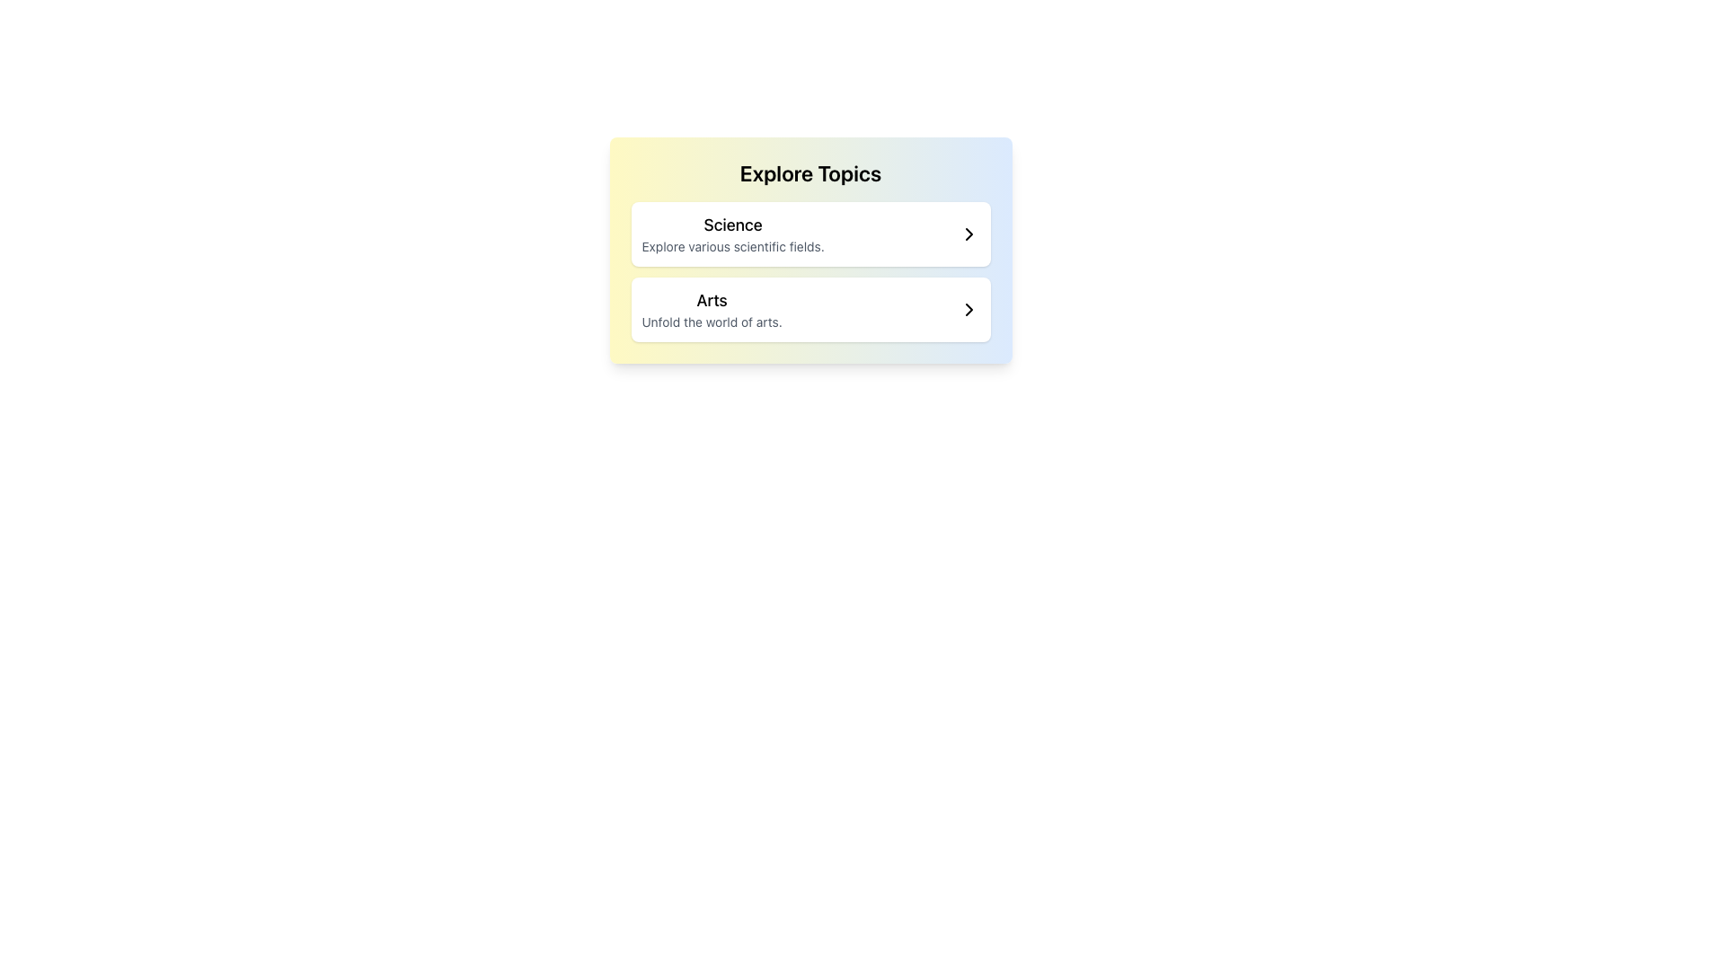  What do you see at coordinates (968, 308) in the screenshot?
I see `the right-facing chevron SVG icon located to the right of the 'Arts' text within the lower section of the 'Explore Topics' card` at bounding box center [968, 308].